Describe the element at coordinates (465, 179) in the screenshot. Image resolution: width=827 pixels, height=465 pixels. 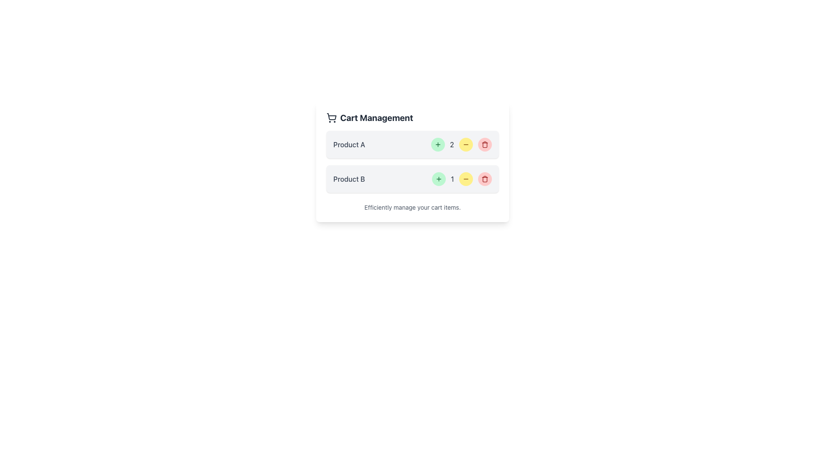
I see `the button with a minus symbol to decrease the quantity of 'Product B' located on the right side of its row` at that location.